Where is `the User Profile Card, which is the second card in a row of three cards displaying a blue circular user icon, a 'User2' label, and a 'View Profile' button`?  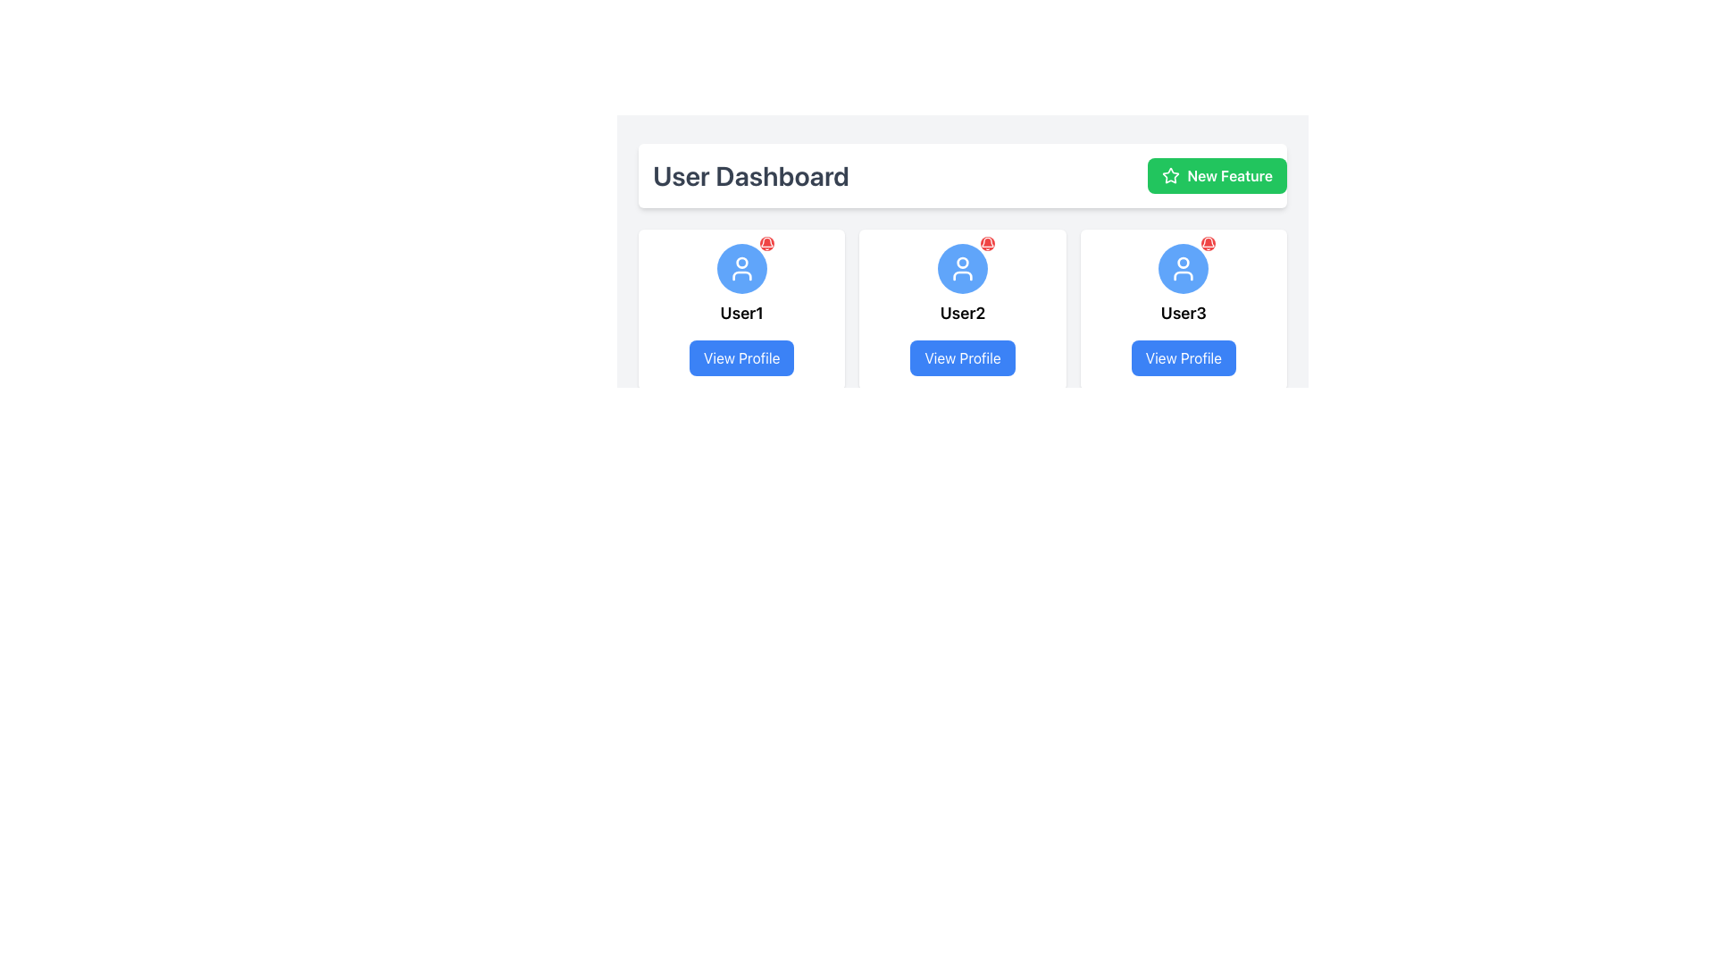
the User Profile Card, which is the second card in a row of three cards displaying a blue circular user icon, a 'User2' label, and a 'View Profile' button is located at coordinates (962, 355).